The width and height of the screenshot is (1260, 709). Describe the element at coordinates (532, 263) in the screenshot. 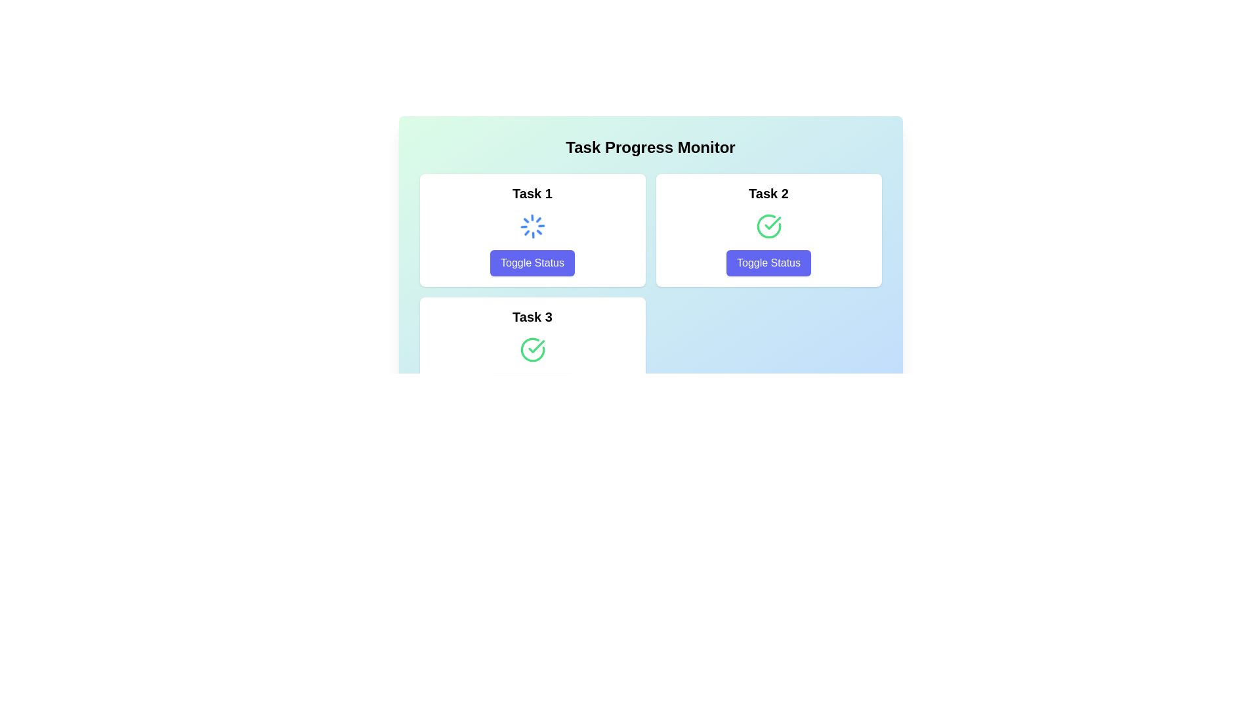

I see `the toggle button associated with 'Task 1'` at that location.